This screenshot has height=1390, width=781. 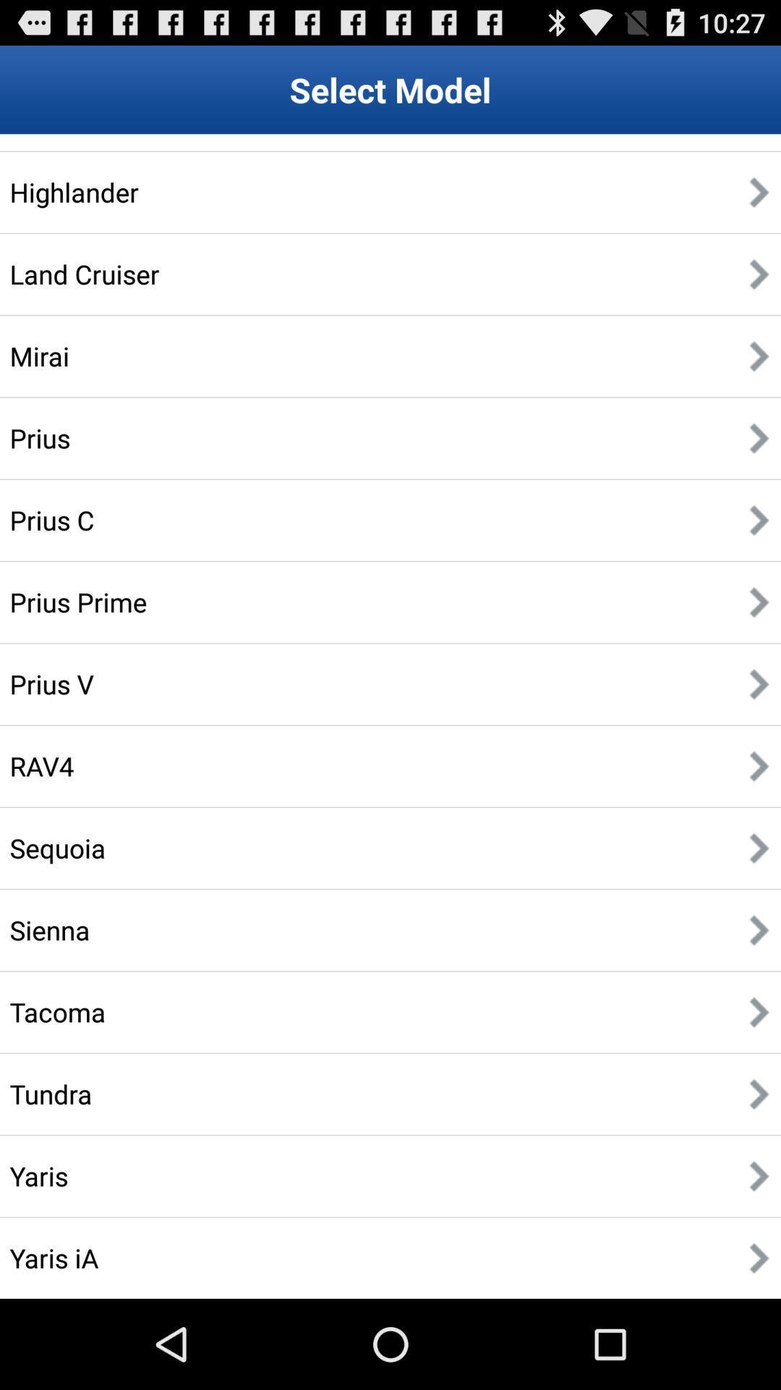 What do you see at coordinates (41, 765) in the screenshot?
I see `rav4 item` at bounding box center [41, 765].